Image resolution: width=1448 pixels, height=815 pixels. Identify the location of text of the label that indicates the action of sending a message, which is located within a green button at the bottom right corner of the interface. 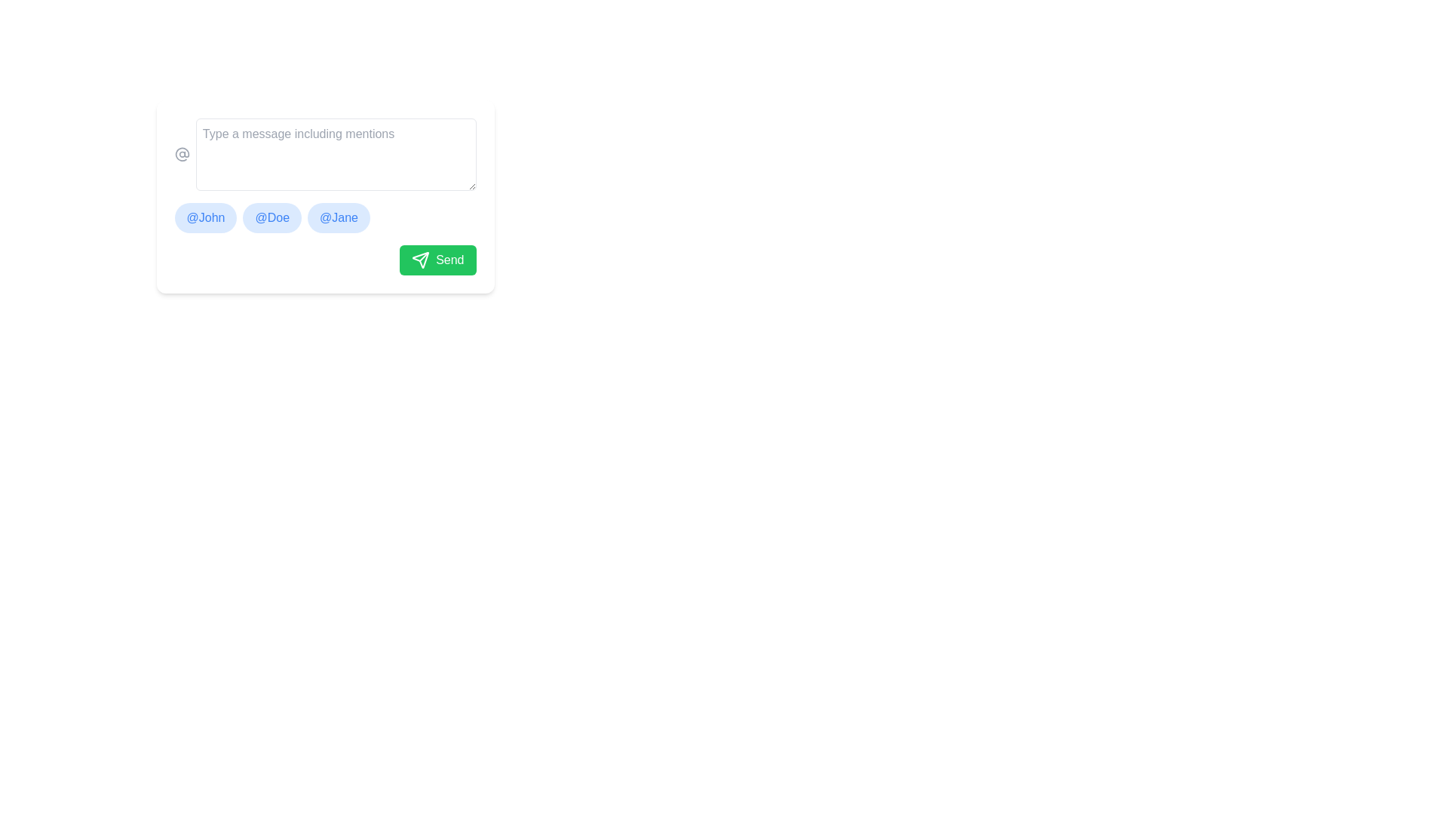
(449, 259).